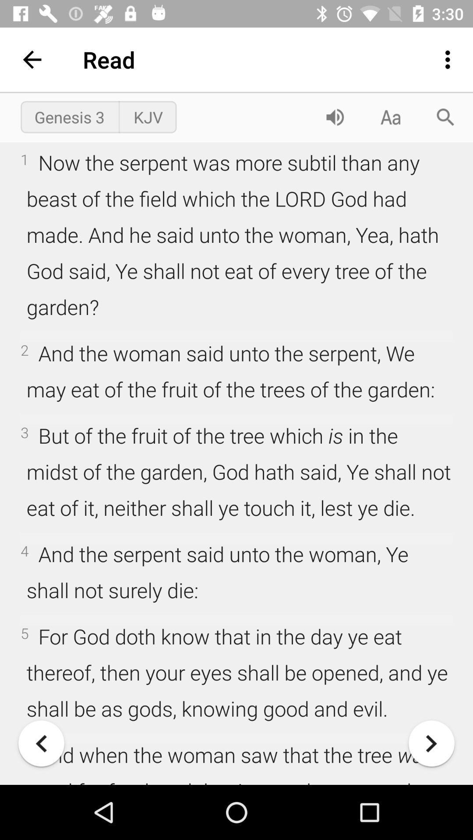 Image resolution: width=473 pixels, height=840 pixels. Describe the element at coordinates (41, 743) in the screenshot. I see `back one page` at that location.